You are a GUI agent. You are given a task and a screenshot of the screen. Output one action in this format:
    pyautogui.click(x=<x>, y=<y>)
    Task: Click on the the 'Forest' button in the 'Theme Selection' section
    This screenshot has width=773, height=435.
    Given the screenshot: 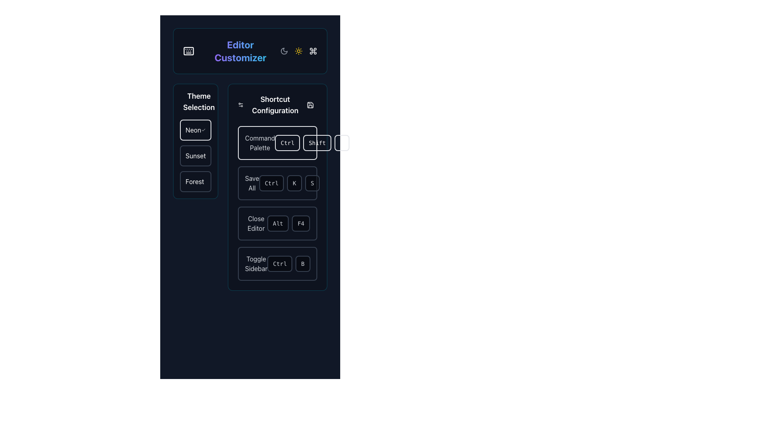 What is the action you would take?
    pyautogui.click(x=195, y=182)
    